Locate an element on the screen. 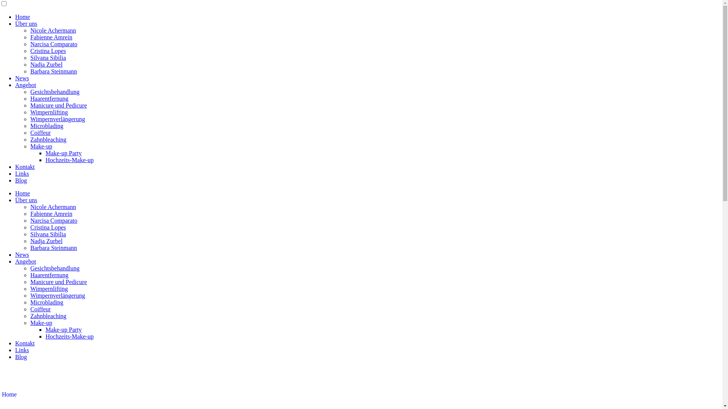  'Manicure und Pedicure' is located at coordinates (58, 282).